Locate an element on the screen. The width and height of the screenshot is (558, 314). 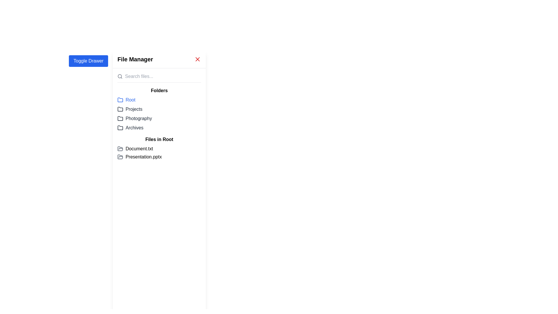
the 'Toggle Drawer' button, which is a rectangular button with rounded corners and a bold blue background is located at coordinates (88, 61).